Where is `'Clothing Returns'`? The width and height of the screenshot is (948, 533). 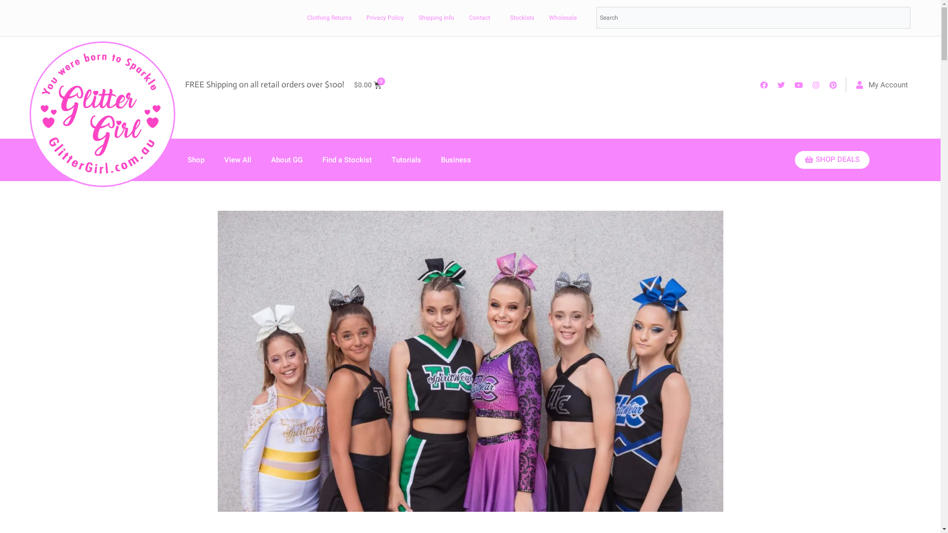 'Clothing Returns' is located at coordinates (329, 17).